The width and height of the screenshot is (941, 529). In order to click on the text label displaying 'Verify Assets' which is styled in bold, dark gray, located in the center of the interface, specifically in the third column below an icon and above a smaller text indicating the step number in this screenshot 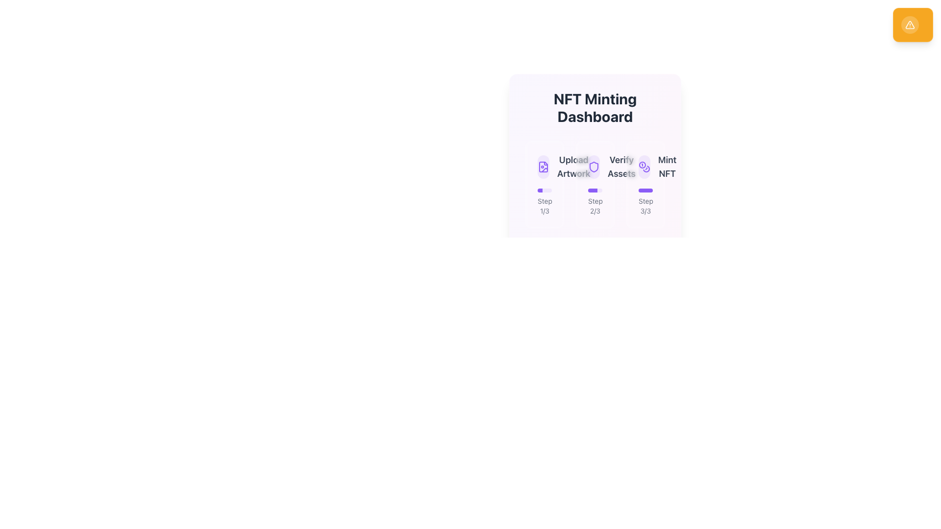, I will do `click(621, 166)`.